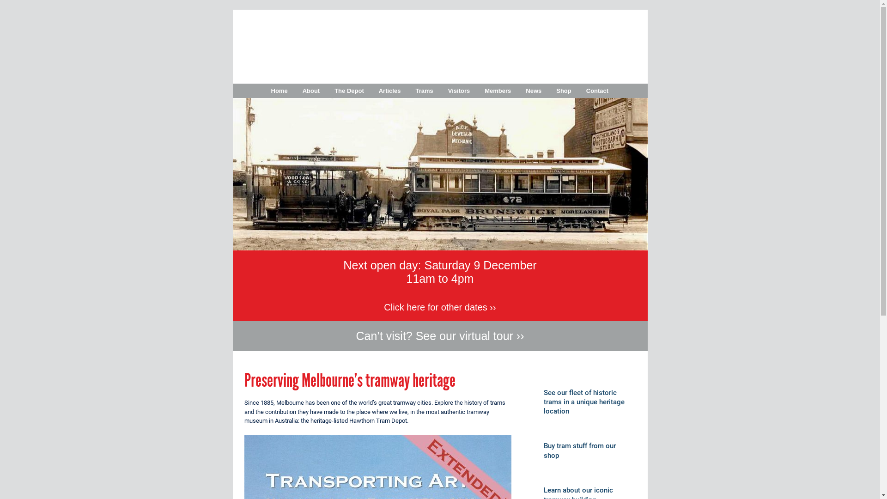  I want to click on 'Articles', so click(372, 91).